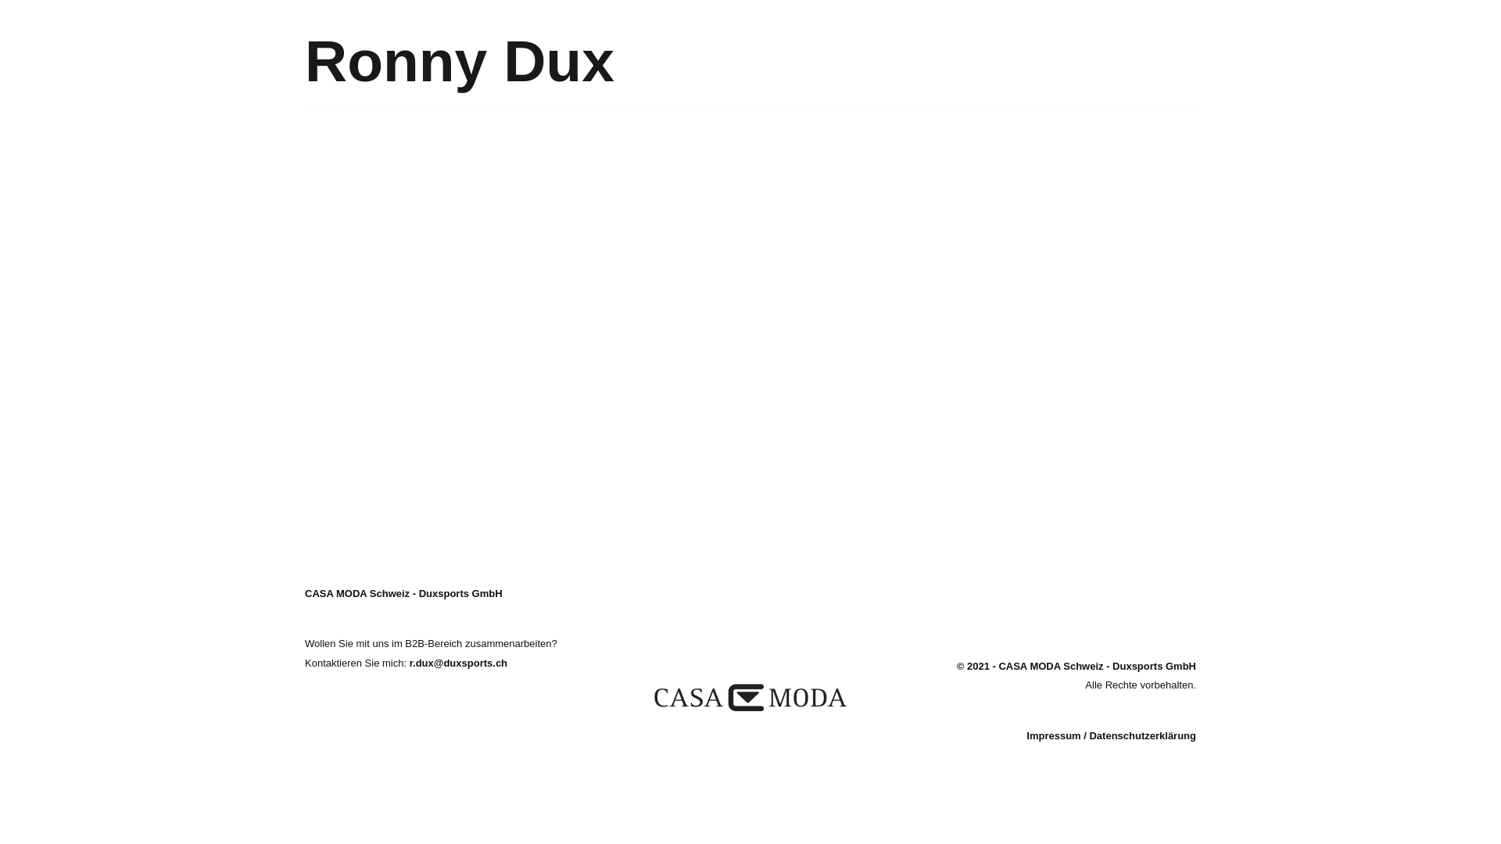 The height and width of the screenshot is (844, 1501). Describe the element at coordinates (457, 663) in the screenshot. I see `'r.dux@duxsports.ch'` at that location.